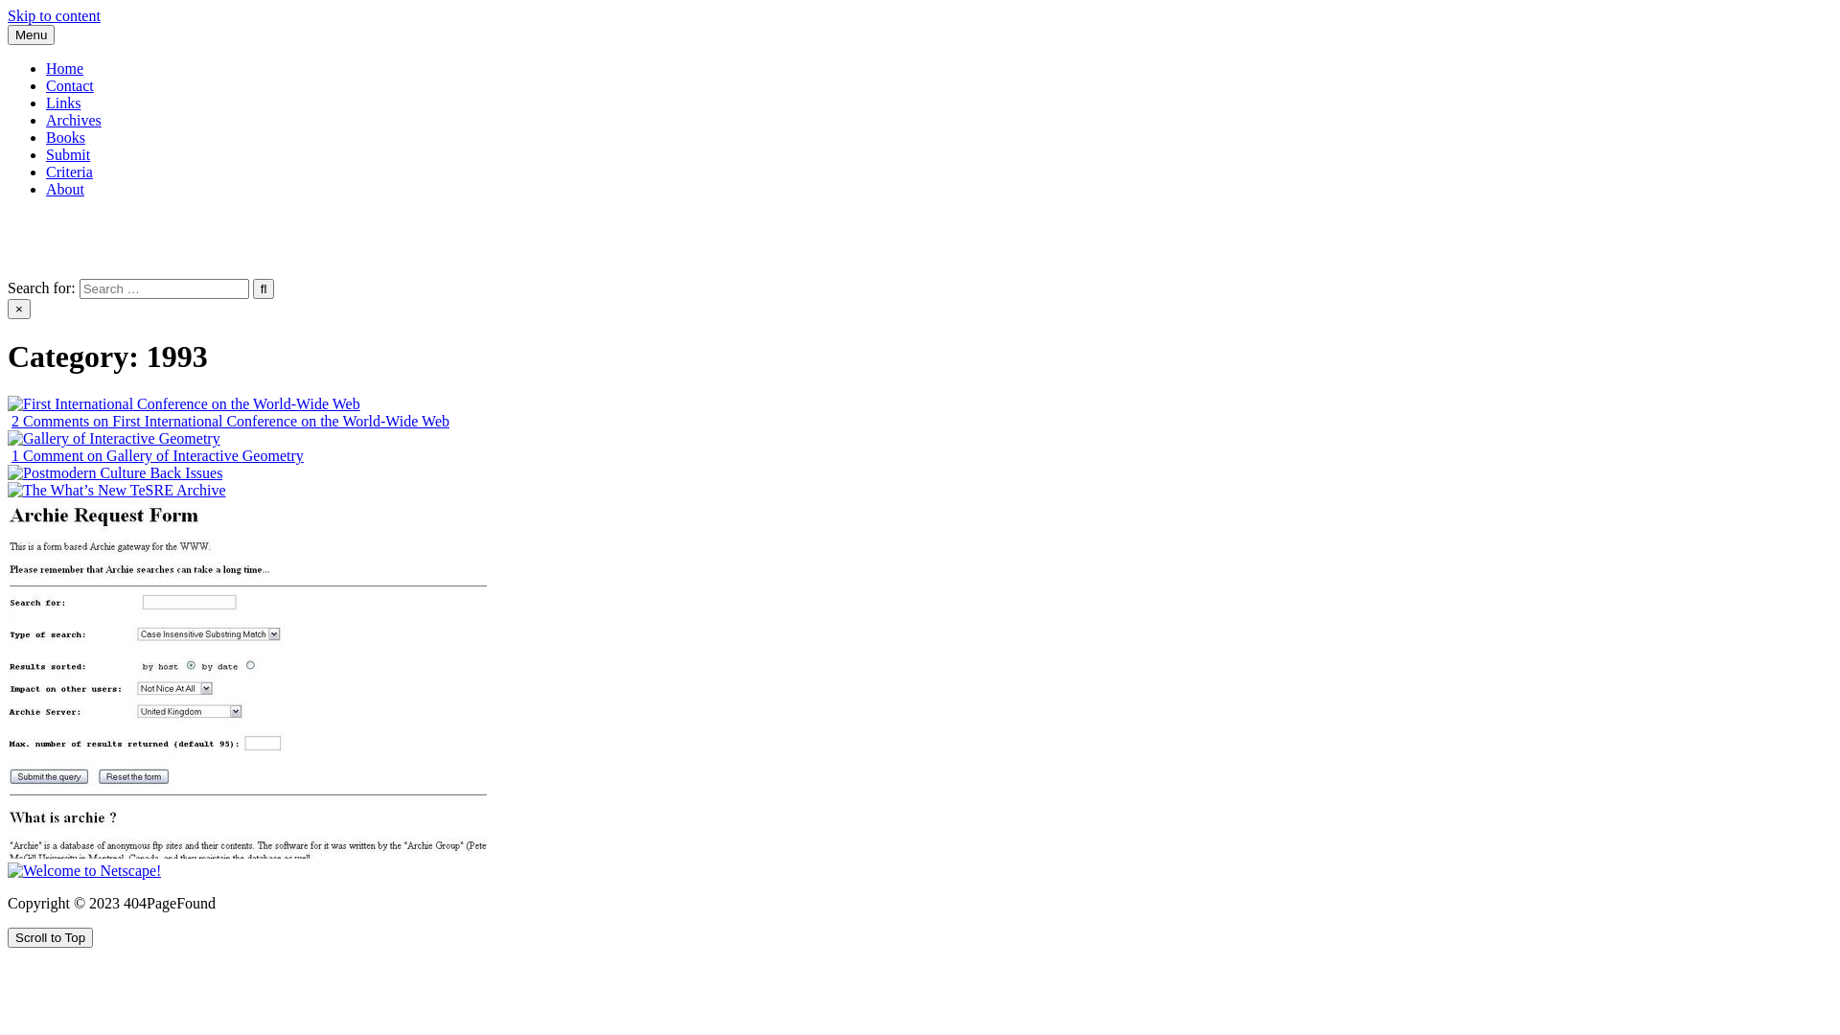 Image resolution: width=1840 pixels, height=1035 pixels. I want to click on 'First International Conference on the World-Wide Web', so click(184, 402).